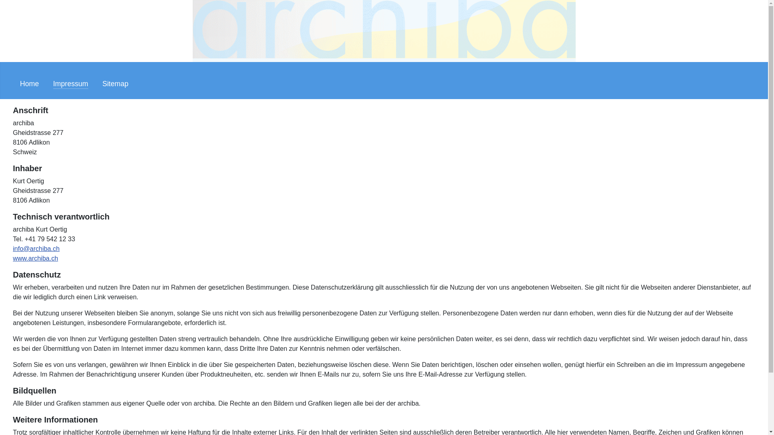 Image resolution: width=774 pixels, height=435 pixels. Describe the element at coordinates (35, 258) in the screenshot. I see `'www.archiba.ch'` at that location.